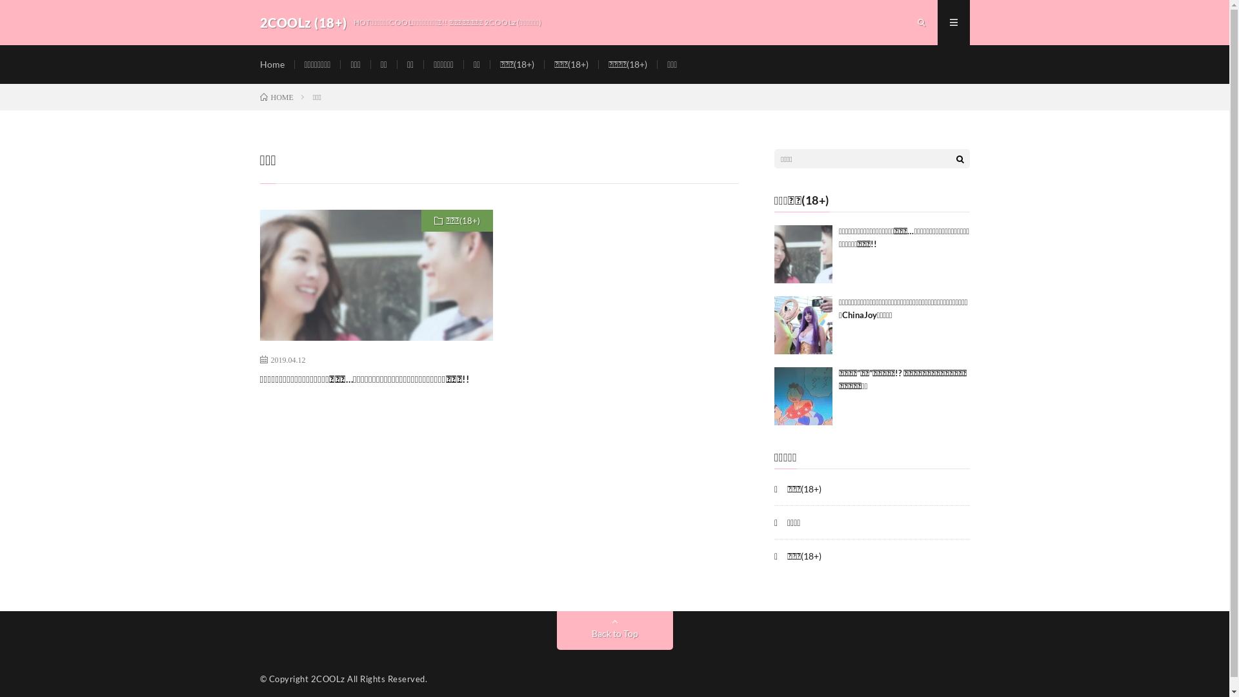  I want to click on '2COOLz (18+)', so click(302, 22).